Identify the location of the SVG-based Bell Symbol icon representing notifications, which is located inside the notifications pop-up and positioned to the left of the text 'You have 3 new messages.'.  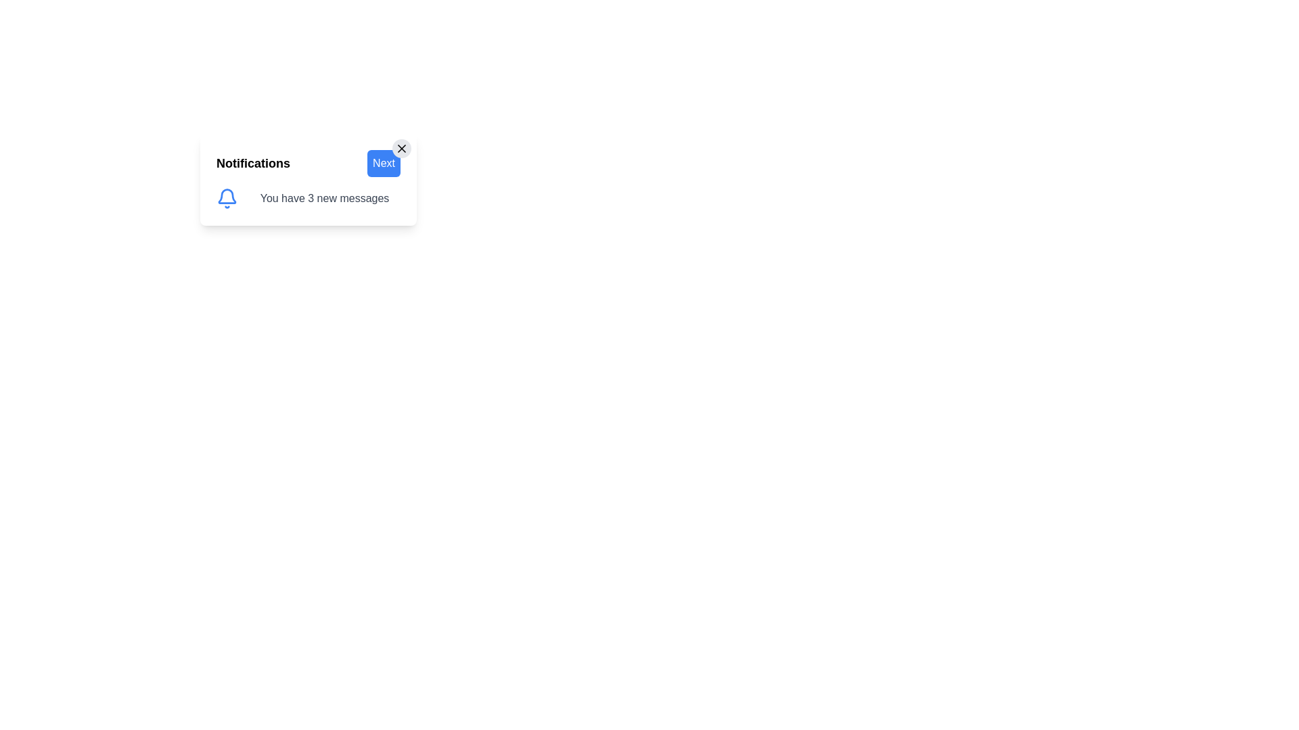
(227, 196).